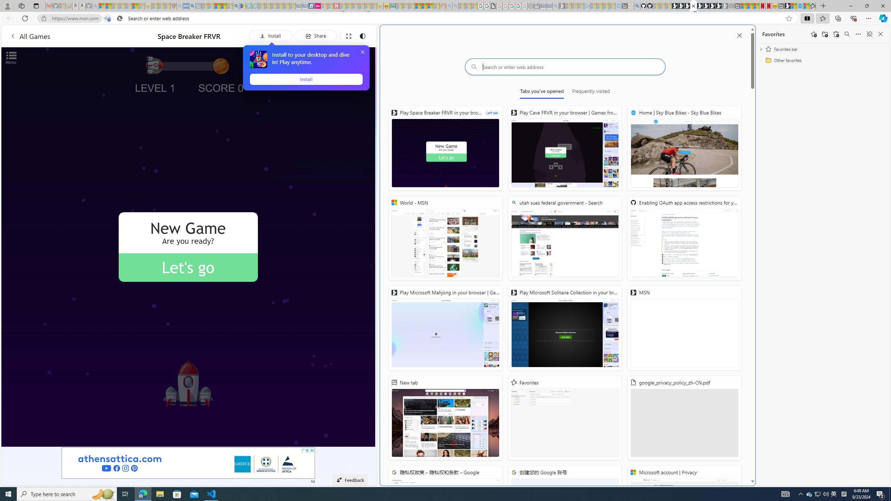 This screenshot has height=501, width=891. Describe the element at coordinates (565, 238) in the screenshot. I see `'utah sues federal government - Search'` at that location.